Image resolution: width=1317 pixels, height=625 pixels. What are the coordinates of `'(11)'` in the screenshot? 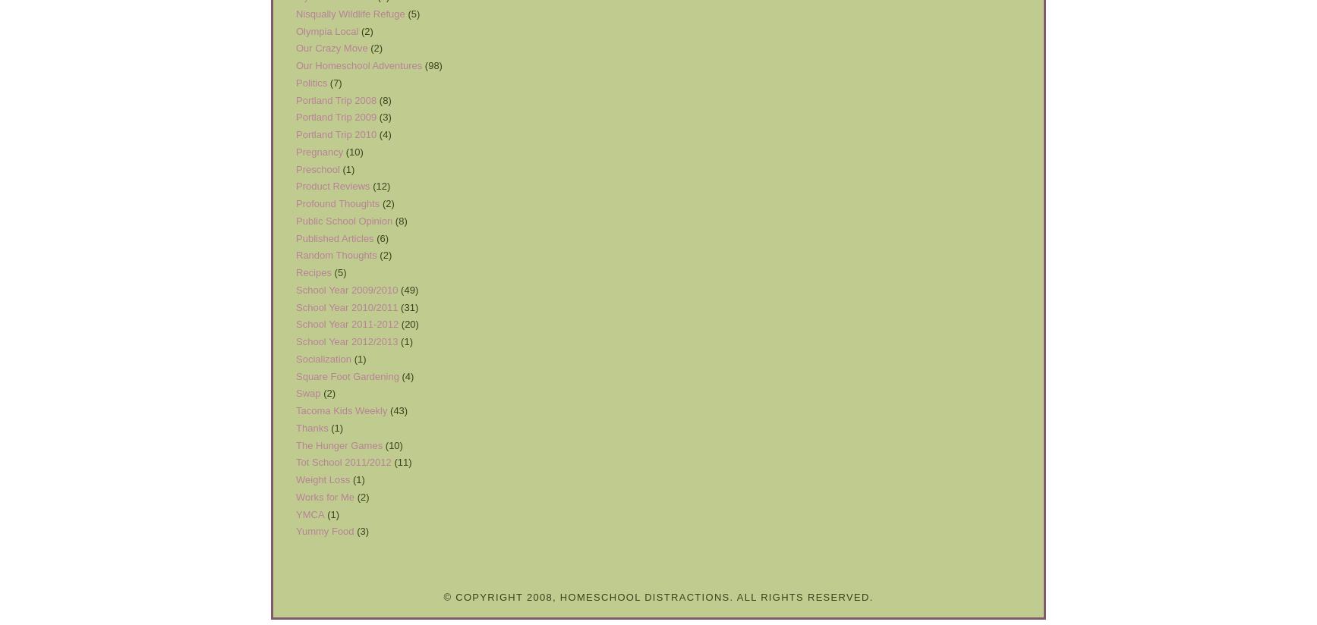 It's located at (402, 462).